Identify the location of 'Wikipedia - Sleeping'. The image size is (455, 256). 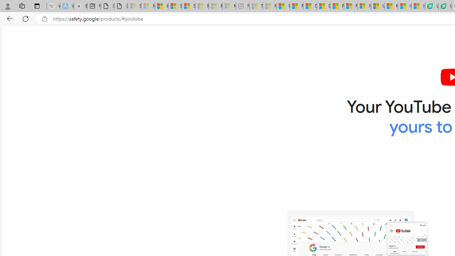
(53, 6).